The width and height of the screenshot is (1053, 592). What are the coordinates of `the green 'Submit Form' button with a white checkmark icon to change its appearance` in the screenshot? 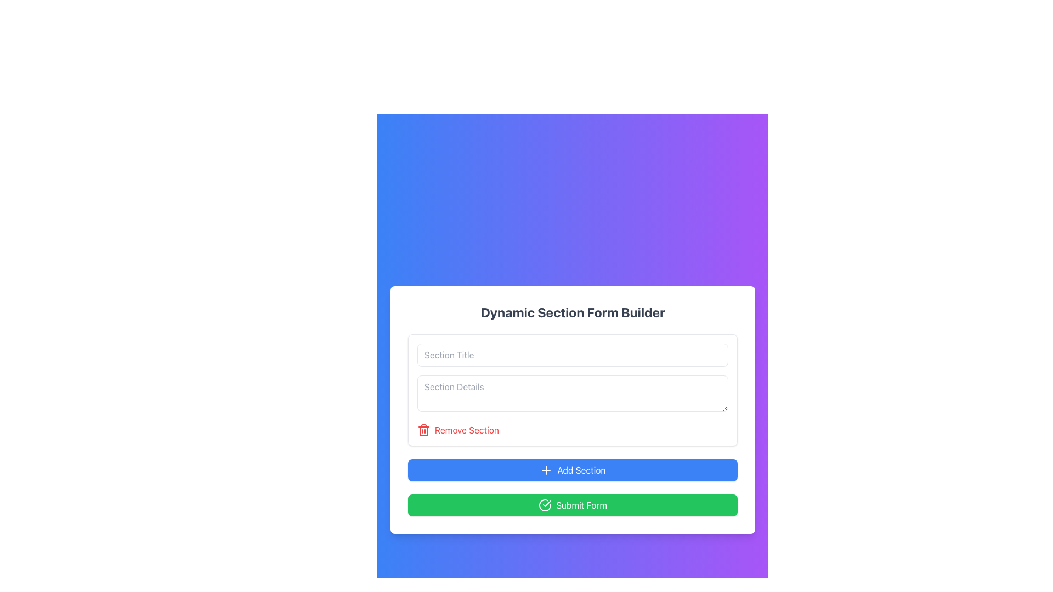 It's located at (572, 505).